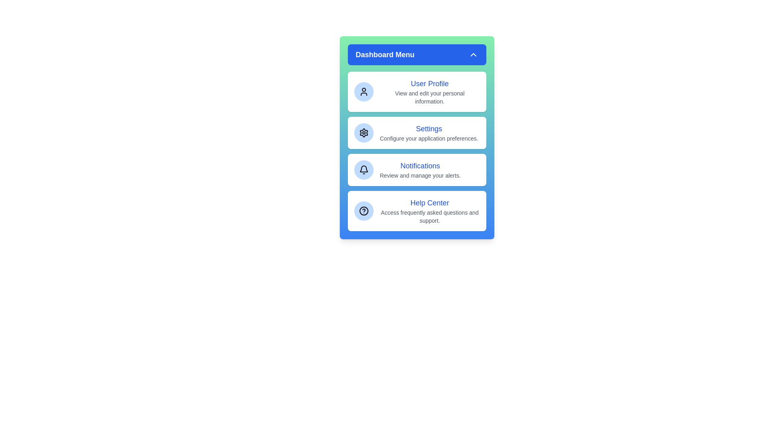 The width and height of the screenshot is (773, 435). Describe the element at coordinates (417, 133) in the screenshot. I see `the menu option Settings` at that location.